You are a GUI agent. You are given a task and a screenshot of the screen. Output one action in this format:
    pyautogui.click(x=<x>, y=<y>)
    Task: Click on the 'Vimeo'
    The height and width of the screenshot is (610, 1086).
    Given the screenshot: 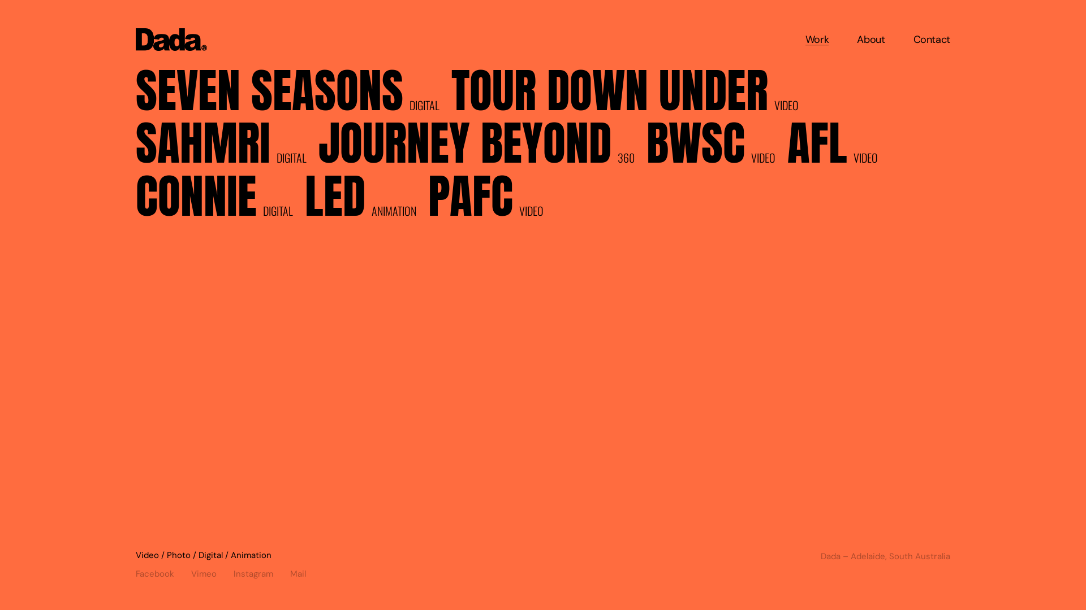 What is the action you would take?
    pyautogui.click(x=212, y=571)
    